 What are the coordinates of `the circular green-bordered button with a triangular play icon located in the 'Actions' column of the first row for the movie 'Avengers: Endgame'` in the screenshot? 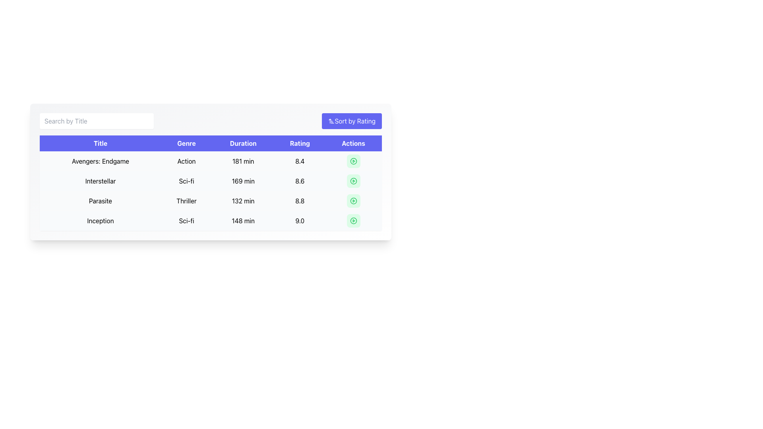 It's located at (353, 161).